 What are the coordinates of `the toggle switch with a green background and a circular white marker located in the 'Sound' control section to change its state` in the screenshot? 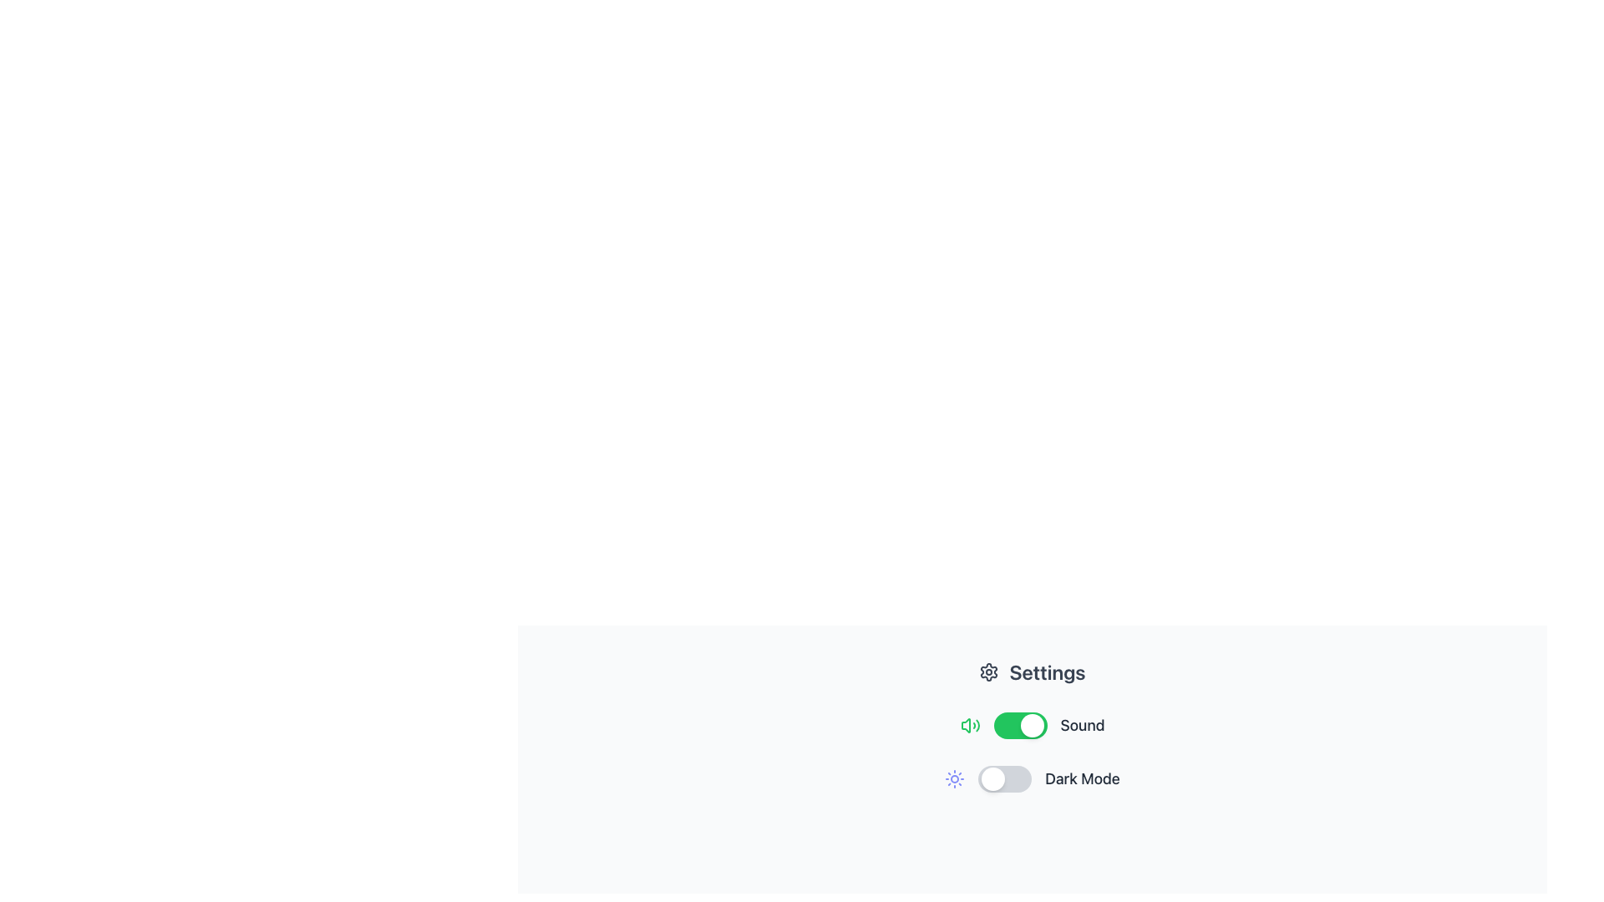 It's located at (1019, 724).